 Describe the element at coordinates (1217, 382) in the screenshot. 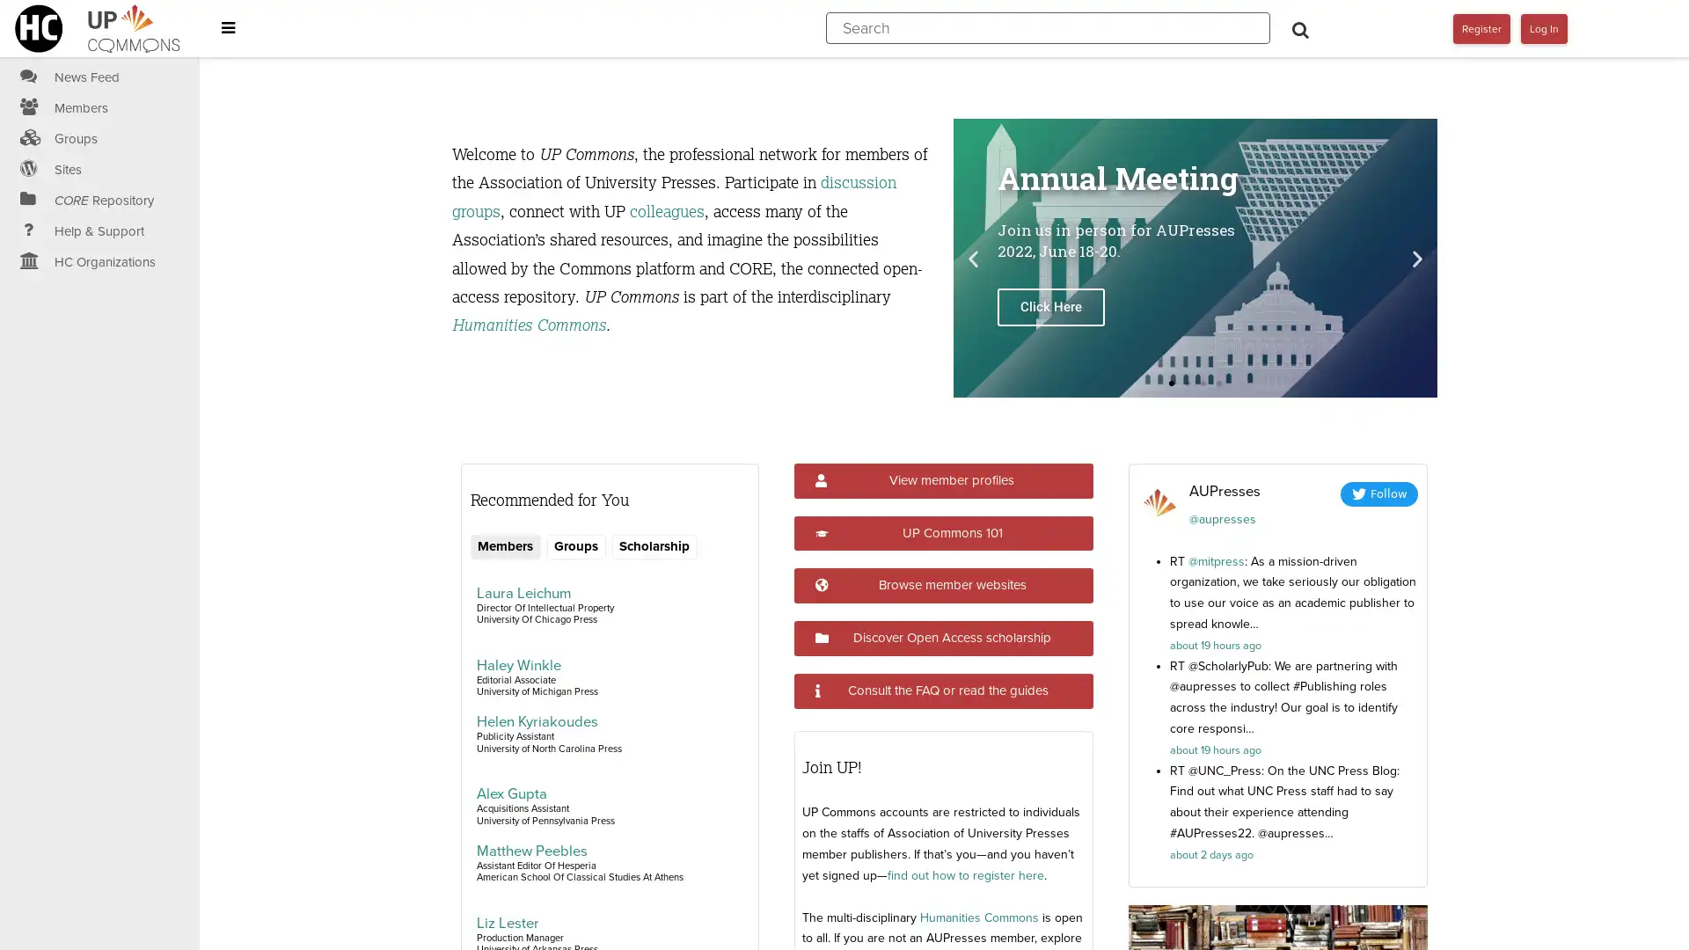

I see `Go to slide 4` at that location.